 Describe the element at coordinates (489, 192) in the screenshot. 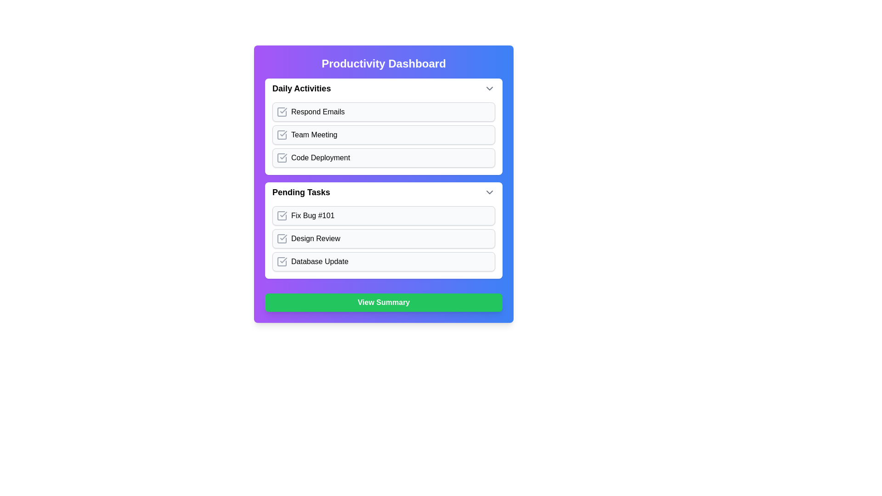

I see `the chevron icon located at the far right of the 'Pending Tasks' section header, which serves as a toggle for expanding or collapsing that section` at that location.